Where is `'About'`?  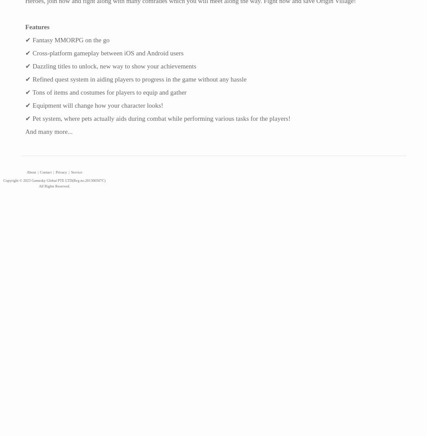
'About' is located at coordinates (31, 172).